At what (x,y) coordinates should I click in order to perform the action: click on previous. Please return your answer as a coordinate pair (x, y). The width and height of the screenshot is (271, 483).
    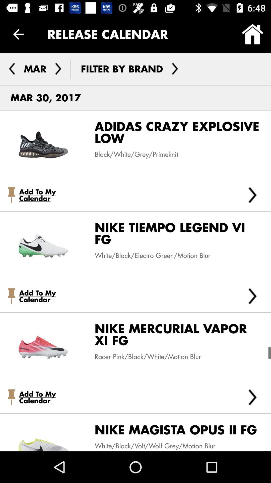
    Looking at the image, I should click on (12, 68).